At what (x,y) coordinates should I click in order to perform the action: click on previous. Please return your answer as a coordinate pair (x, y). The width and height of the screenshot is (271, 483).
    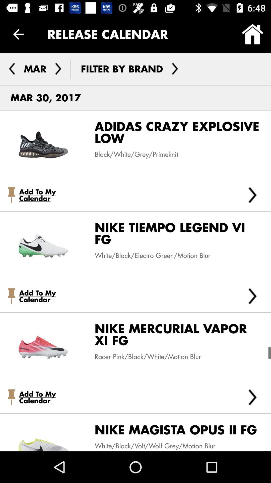
    Looking at the image, I should click on (12, 68).